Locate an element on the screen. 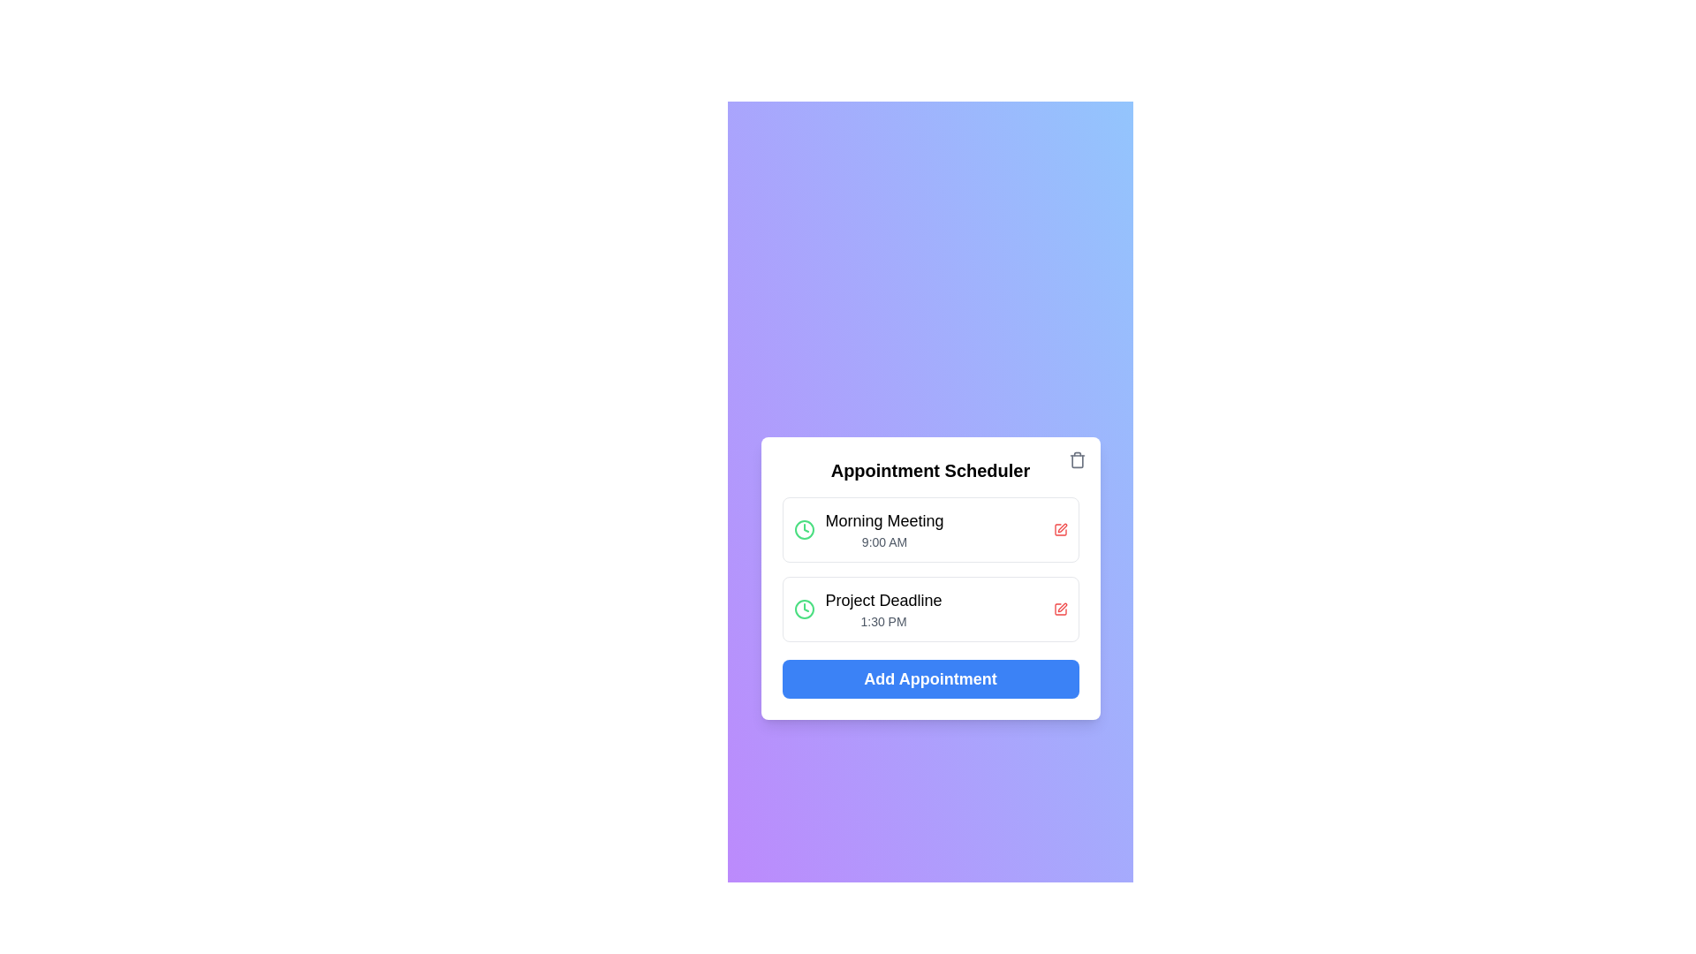  the edit button for the 'Project Deadline' task entry to initiate the edit action is located at coordinates (1060, 609).